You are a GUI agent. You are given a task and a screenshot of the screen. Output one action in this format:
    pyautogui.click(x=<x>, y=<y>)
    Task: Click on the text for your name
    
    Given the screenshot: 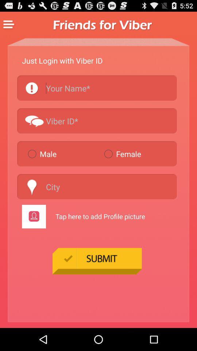 What is the action you would take?
    pyautogui.click(x=97, y=88)
    